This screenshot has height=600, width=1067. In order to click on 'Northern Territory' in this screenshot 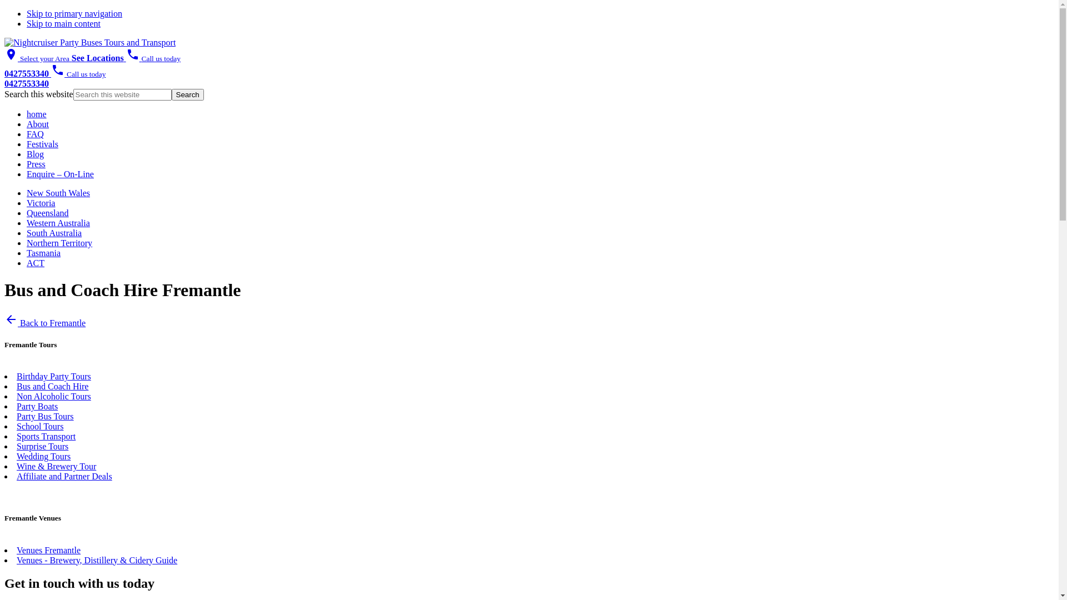, I will do `click(58, 242)`.